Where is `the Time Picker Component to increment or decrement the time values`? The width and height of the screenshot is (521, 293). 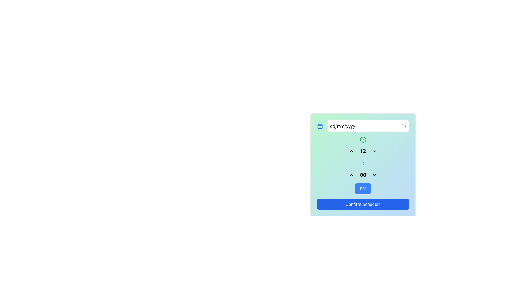 the Time Picker Component to increment or decrement the time values is located at coordinates (363, 165).